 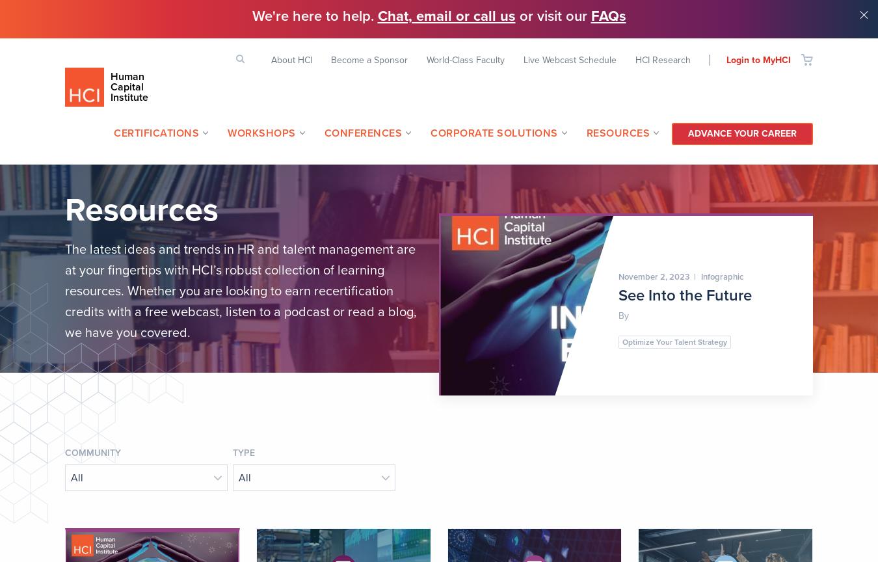 What do you see at coordinates (607, 16) in the screenshot?
I see `'FAQs'` at bounding box center [607, 16].